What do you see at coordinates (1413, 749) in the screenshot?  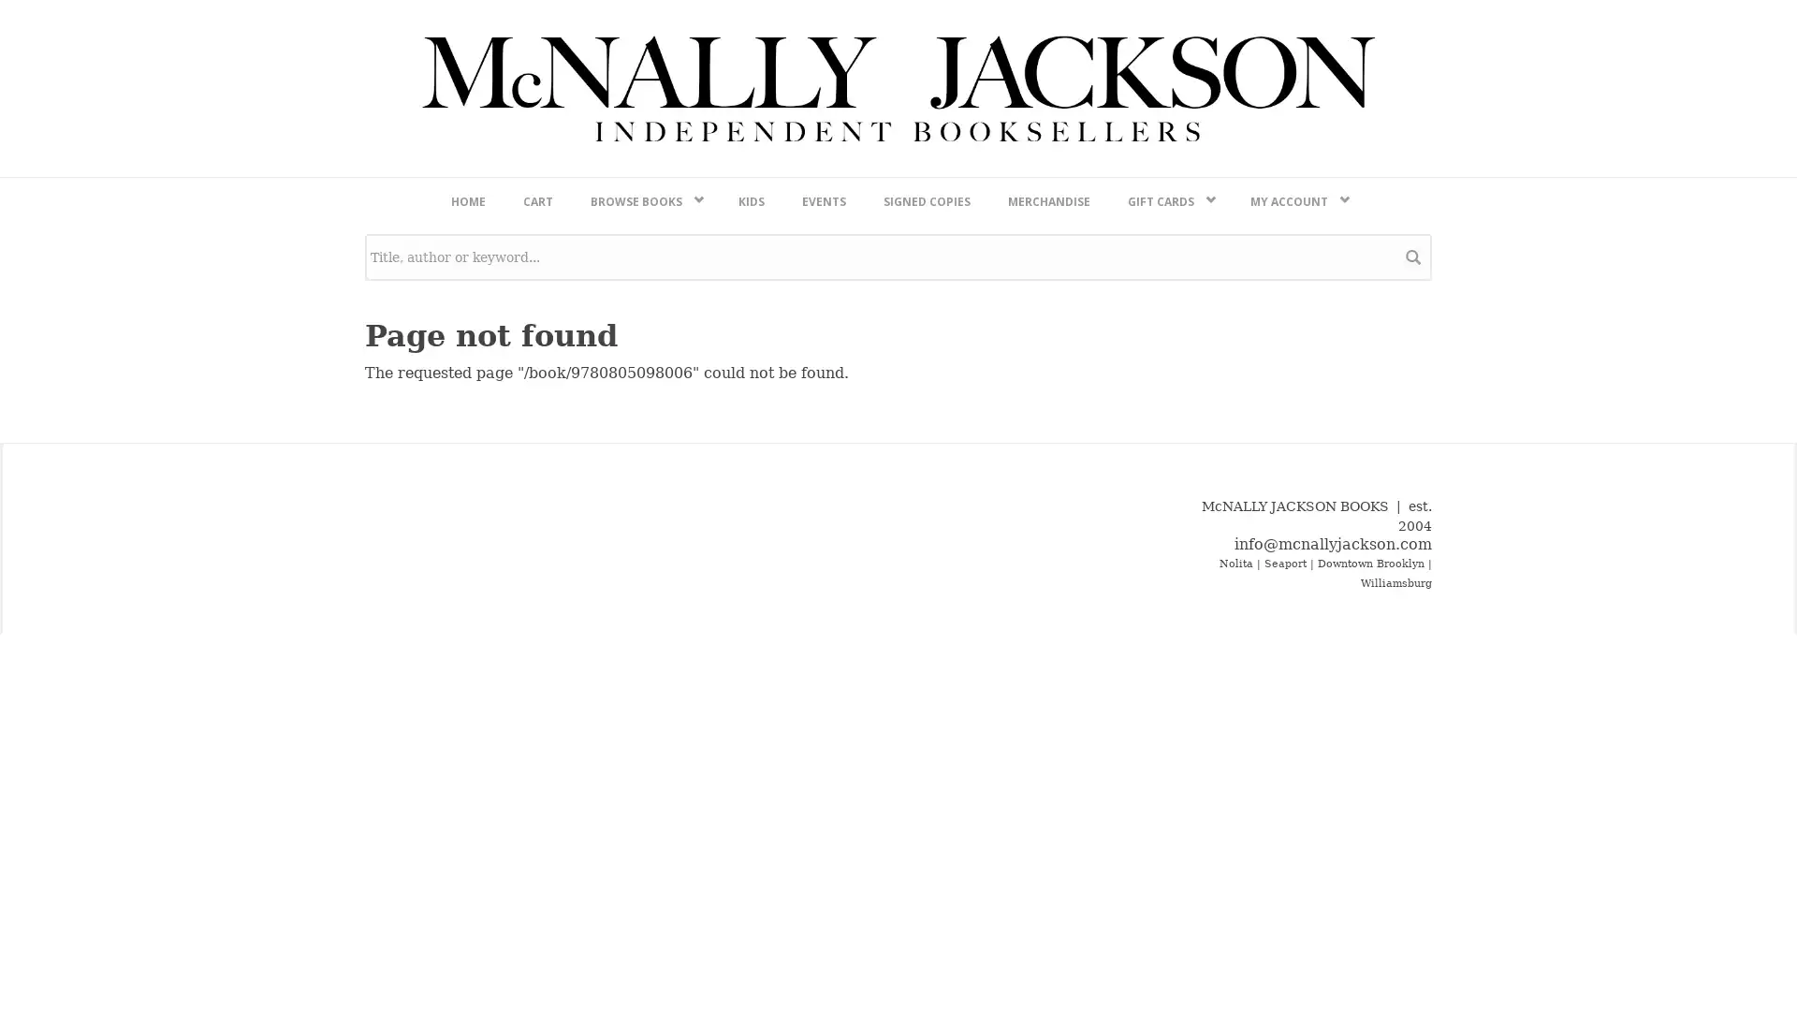 I see `search` at bounding box center [1413, 749].